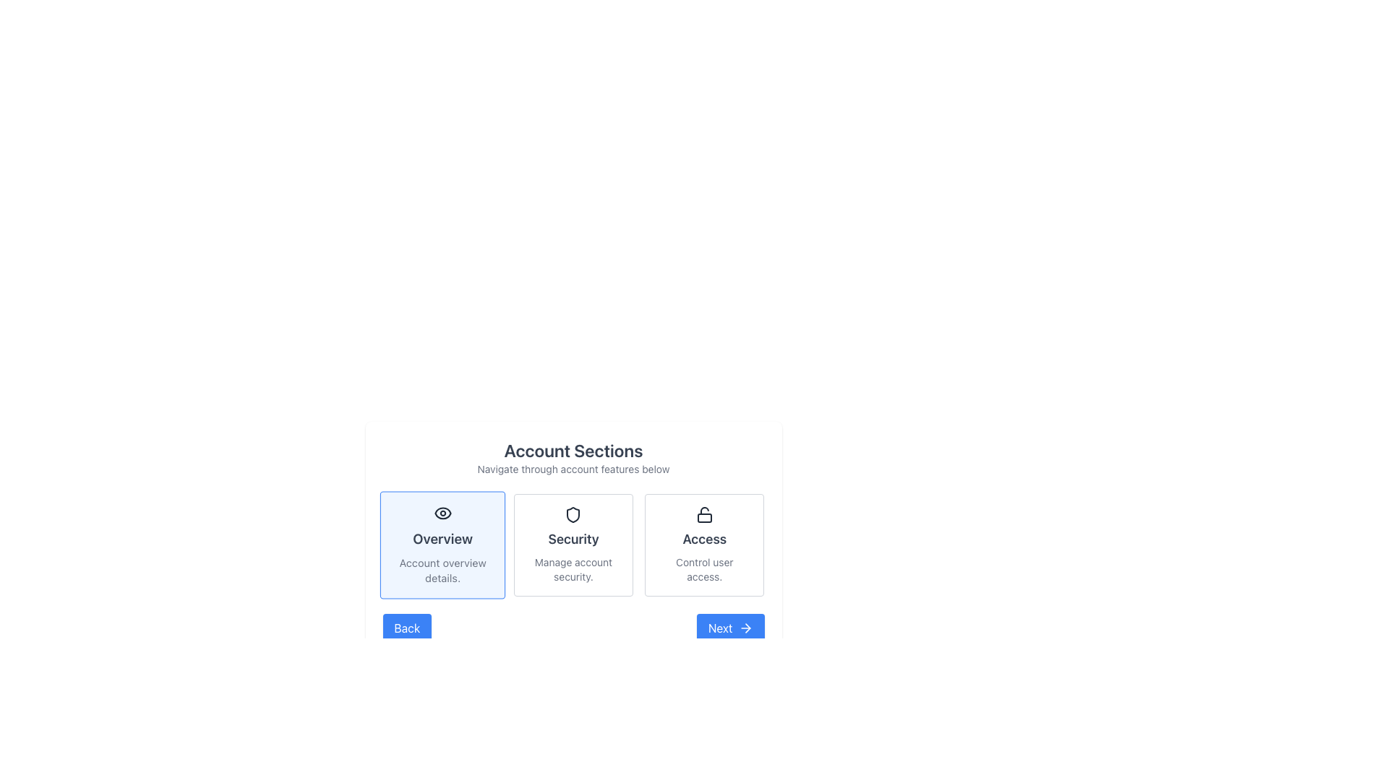 The width and height of the screenshot is (1388, 780). What do you see at coordinates (573, 514) in the screenshot?
I see `the shield-shaped SVG icon located above the 'Security' title in the middle panel of the UI` at bounding box center [573, 514].